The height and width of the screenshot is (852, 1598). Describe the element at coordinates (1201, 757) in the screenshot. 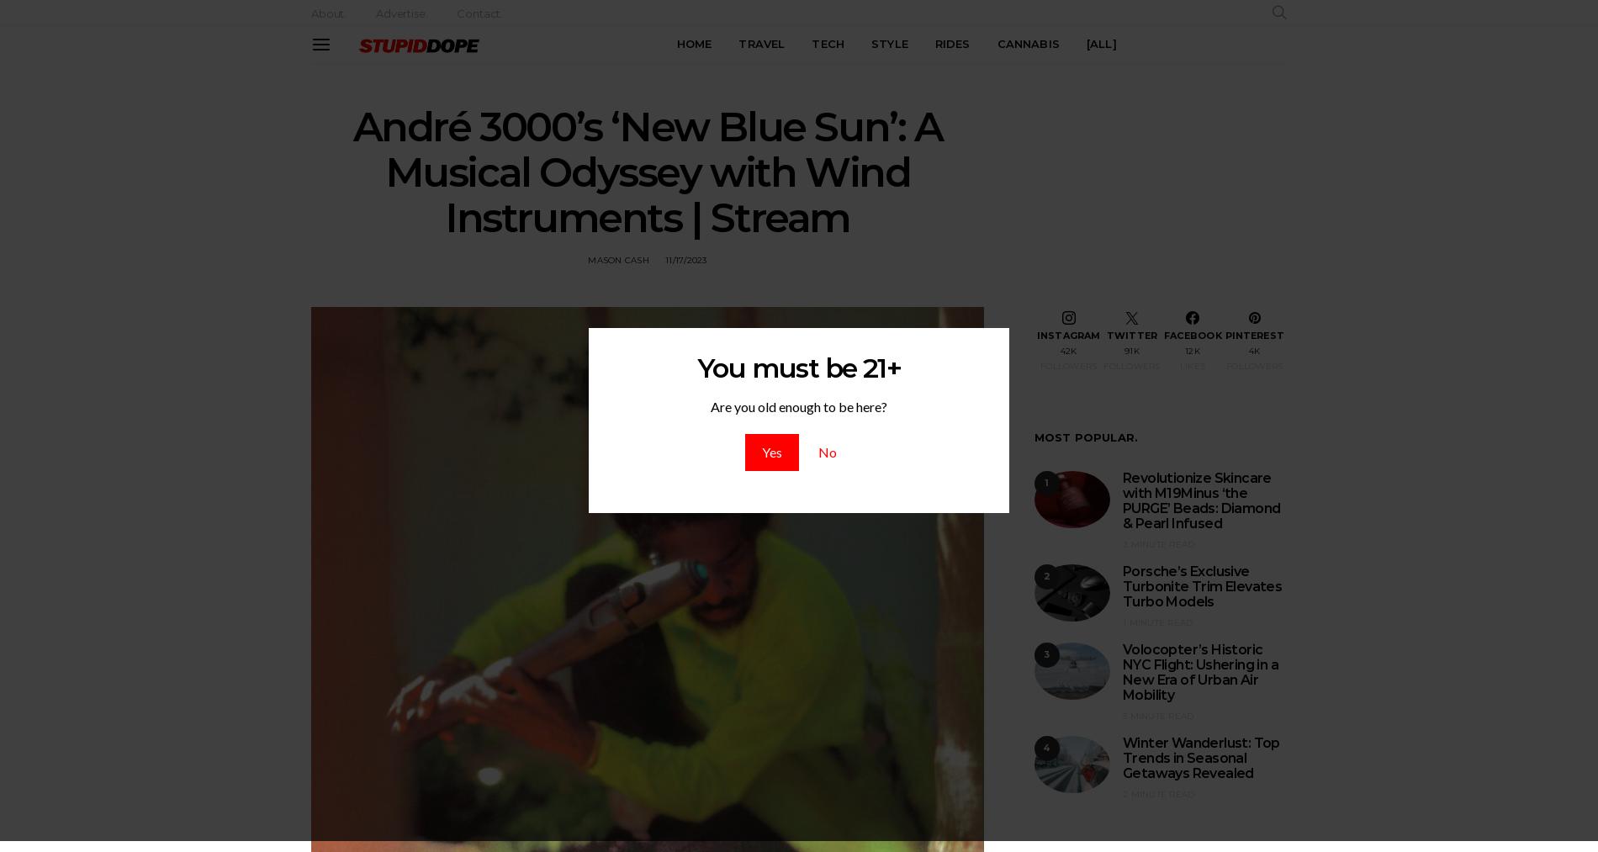

I see `'Winter Wanderlust: Top Trends in Seasonal Getaways Revealed'` at that location.